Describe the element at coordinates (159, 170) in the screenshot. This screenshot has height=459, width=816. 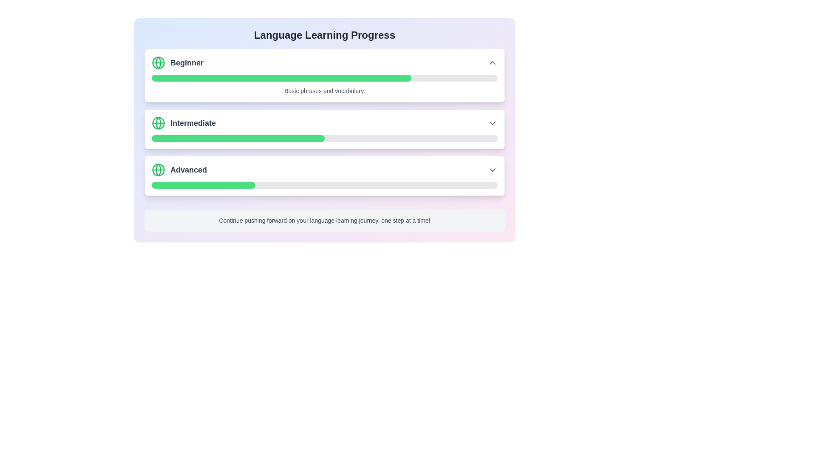
I see `the globe icon that identifies the 'Advanced' section, positioned to the left of the 'Advanced' text in the language learning levels list` at that location.